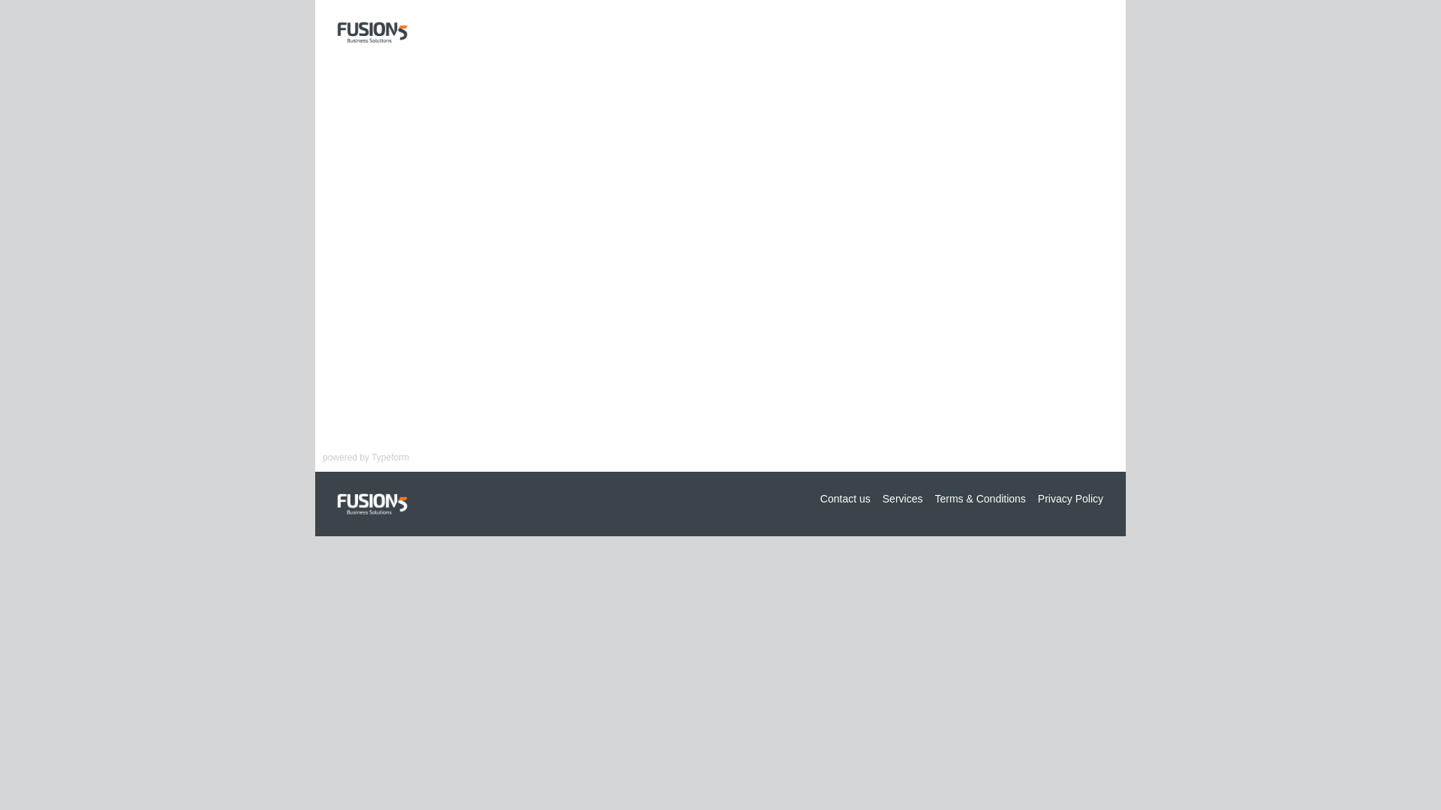 Image resolution: width=1441 pixels, height=810 pixels. What do you see at coordinates (902, 498) in the screenshot?
I see `'Services'` at bounding box center [902, 498].